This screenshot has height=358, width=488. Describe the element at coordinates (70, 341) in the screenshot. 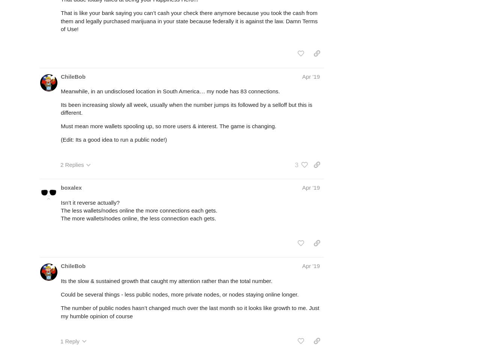

I see `'1 Reply'` at that location.